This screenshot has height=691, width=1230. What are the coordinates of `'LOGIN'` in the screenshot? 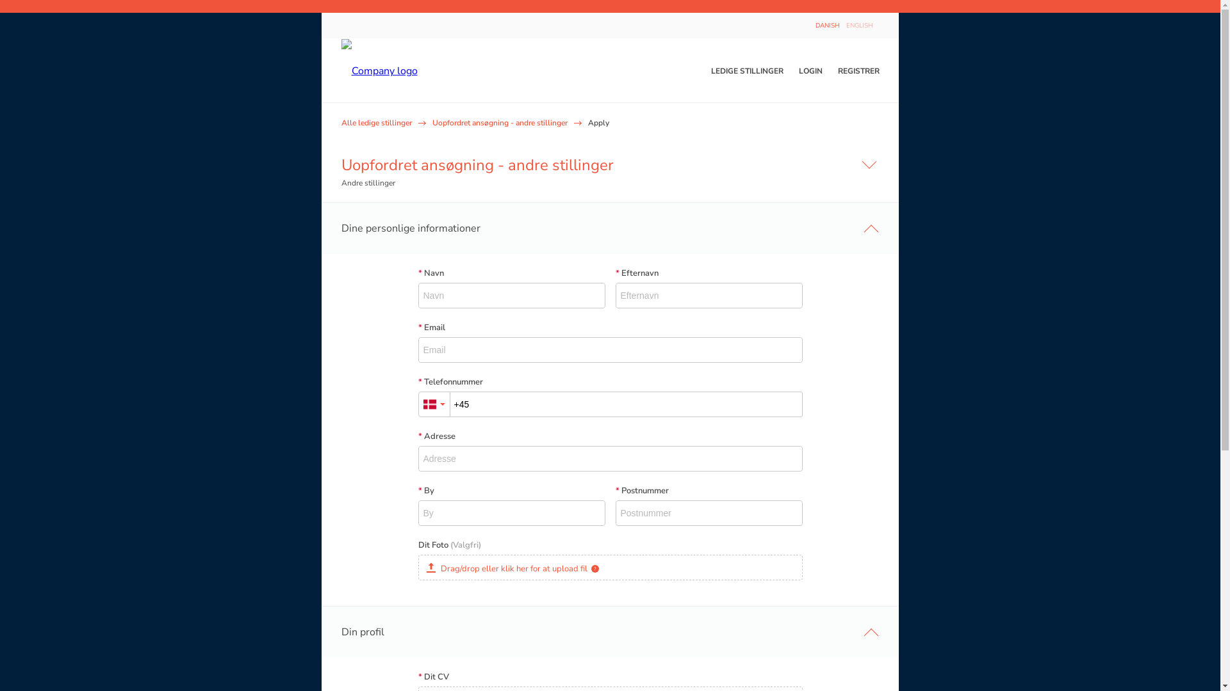 It's located at (809, 71).